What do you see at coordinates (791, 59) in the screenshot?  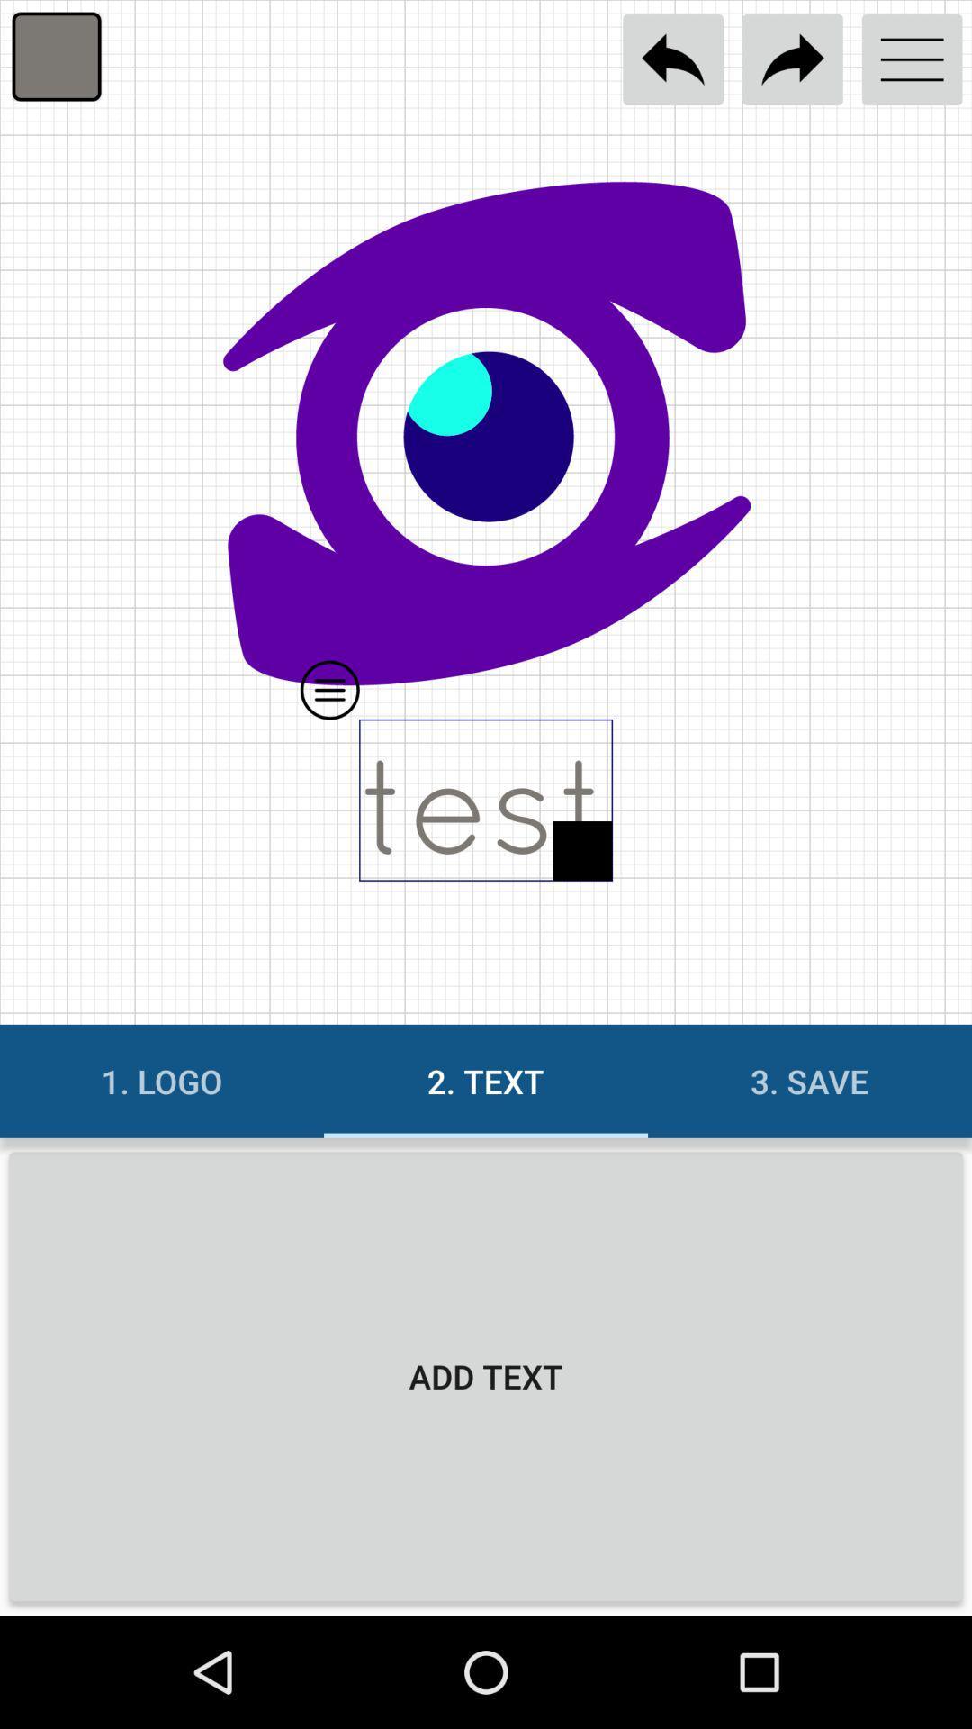 I see `next` at bounding box center [791, 59].